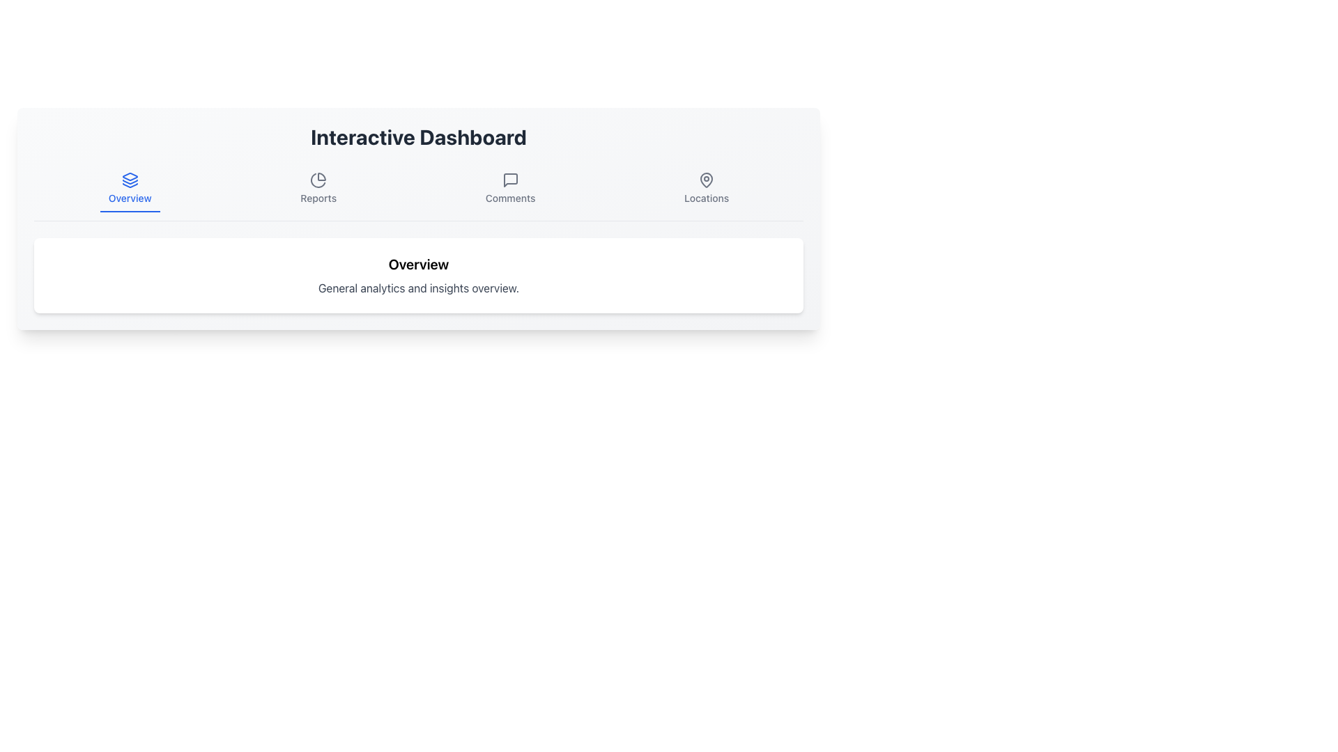 This screenshot has height=752, width=1338. Describe the element at coordinates (318, 189) in the screenshot. I see `the 'Reports' navigation link in the navigation bar` at that location.